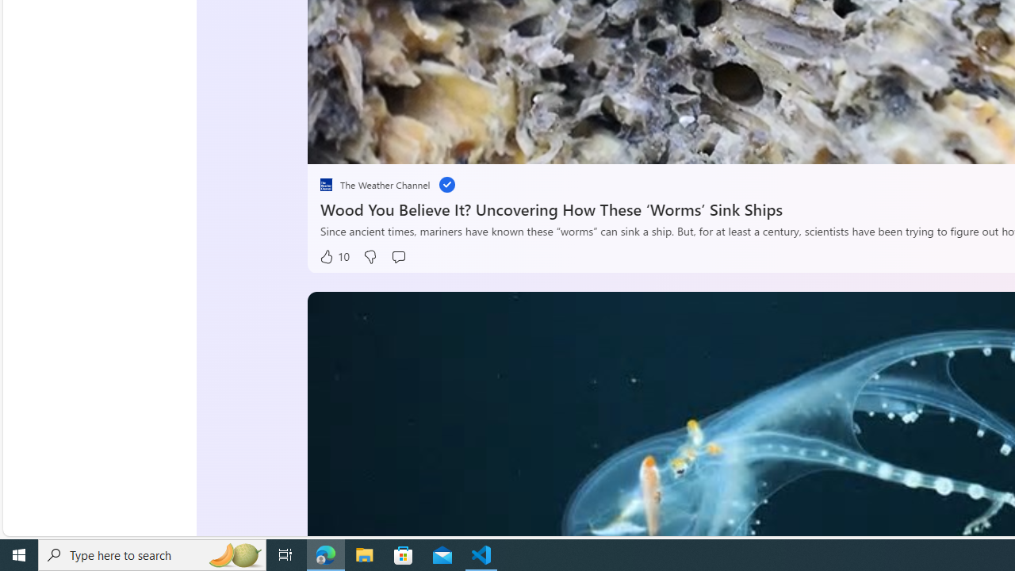 This screenshot has width=1015, height=571. What do you see at coordinates (326, 184) in the screenshot?
I see `'placeholder'` at bounding box center [326, 184].